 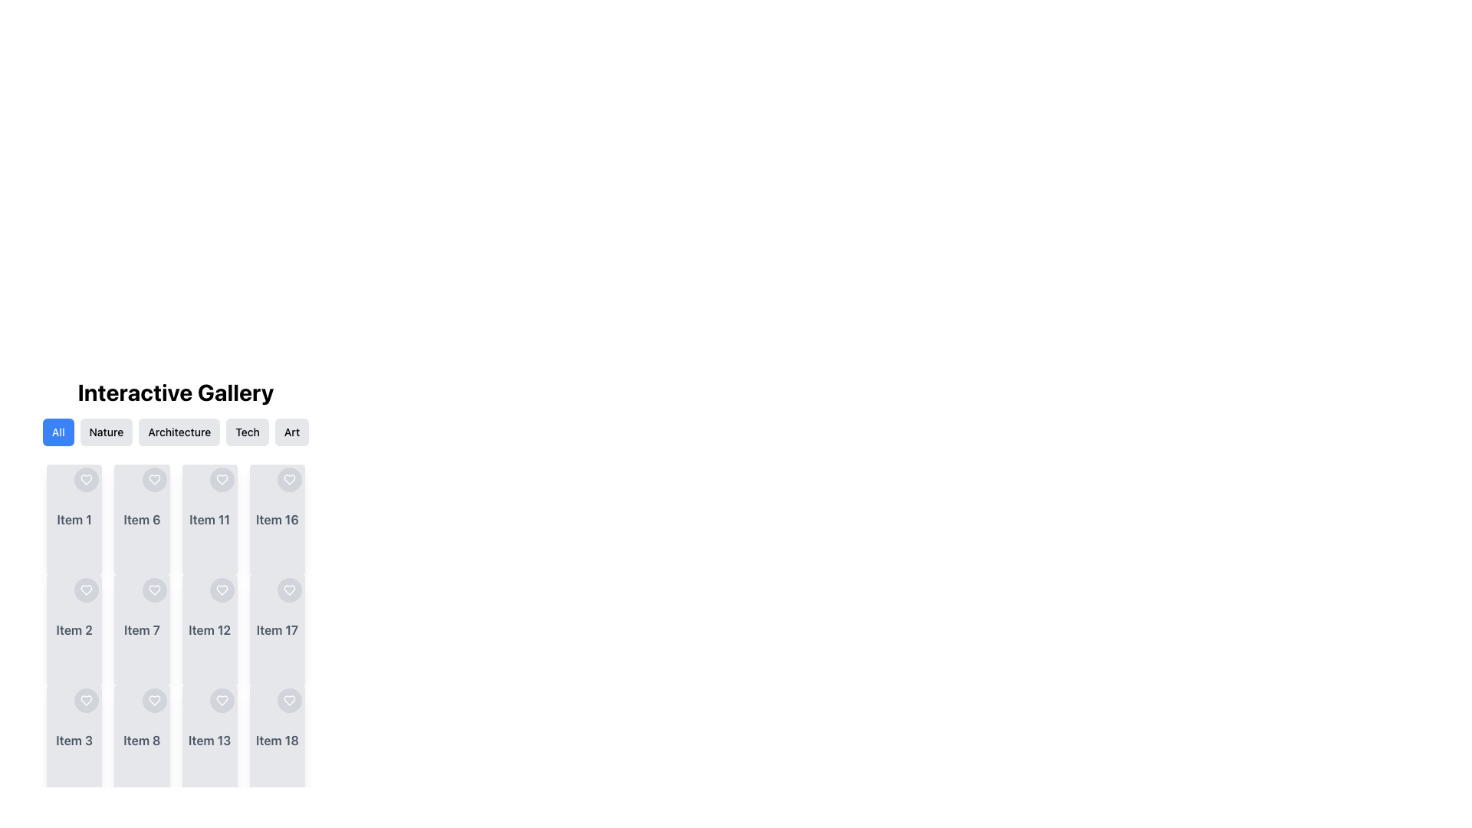 What do you see at coordinates (290, 590) in the screenshot?
I see `the state of the heart-shaped icon located in the center of the card labeled 'Item 17' within the interactive gallery interface` at bounding box center [290, 590].